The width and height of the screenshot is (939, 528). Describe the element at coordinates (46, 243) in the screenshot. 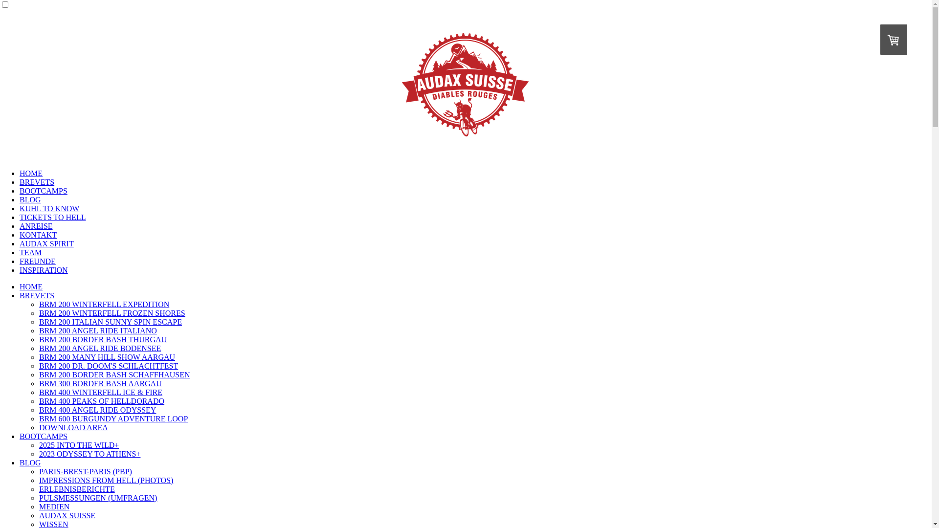

I see `'AUDAX SPIRIT'` at that location.